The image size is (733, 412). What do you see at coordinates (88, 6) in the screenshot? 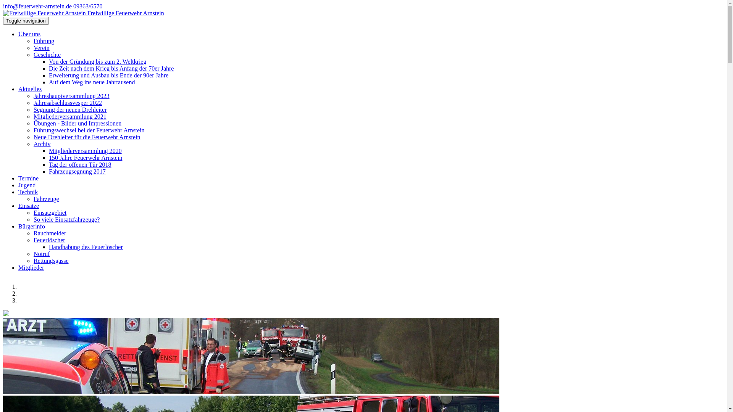
I see `'09363/6570'` at bounding box center [88, 6].